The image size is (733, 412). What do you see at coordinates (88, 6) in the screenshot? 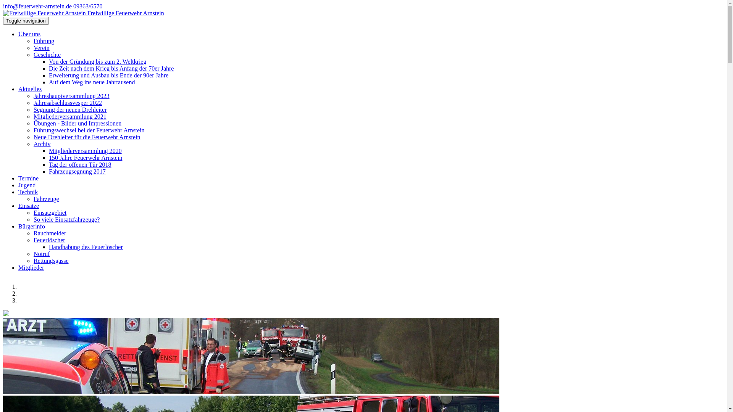
I see `'09363/6570'` at bounding box center [88, 6].